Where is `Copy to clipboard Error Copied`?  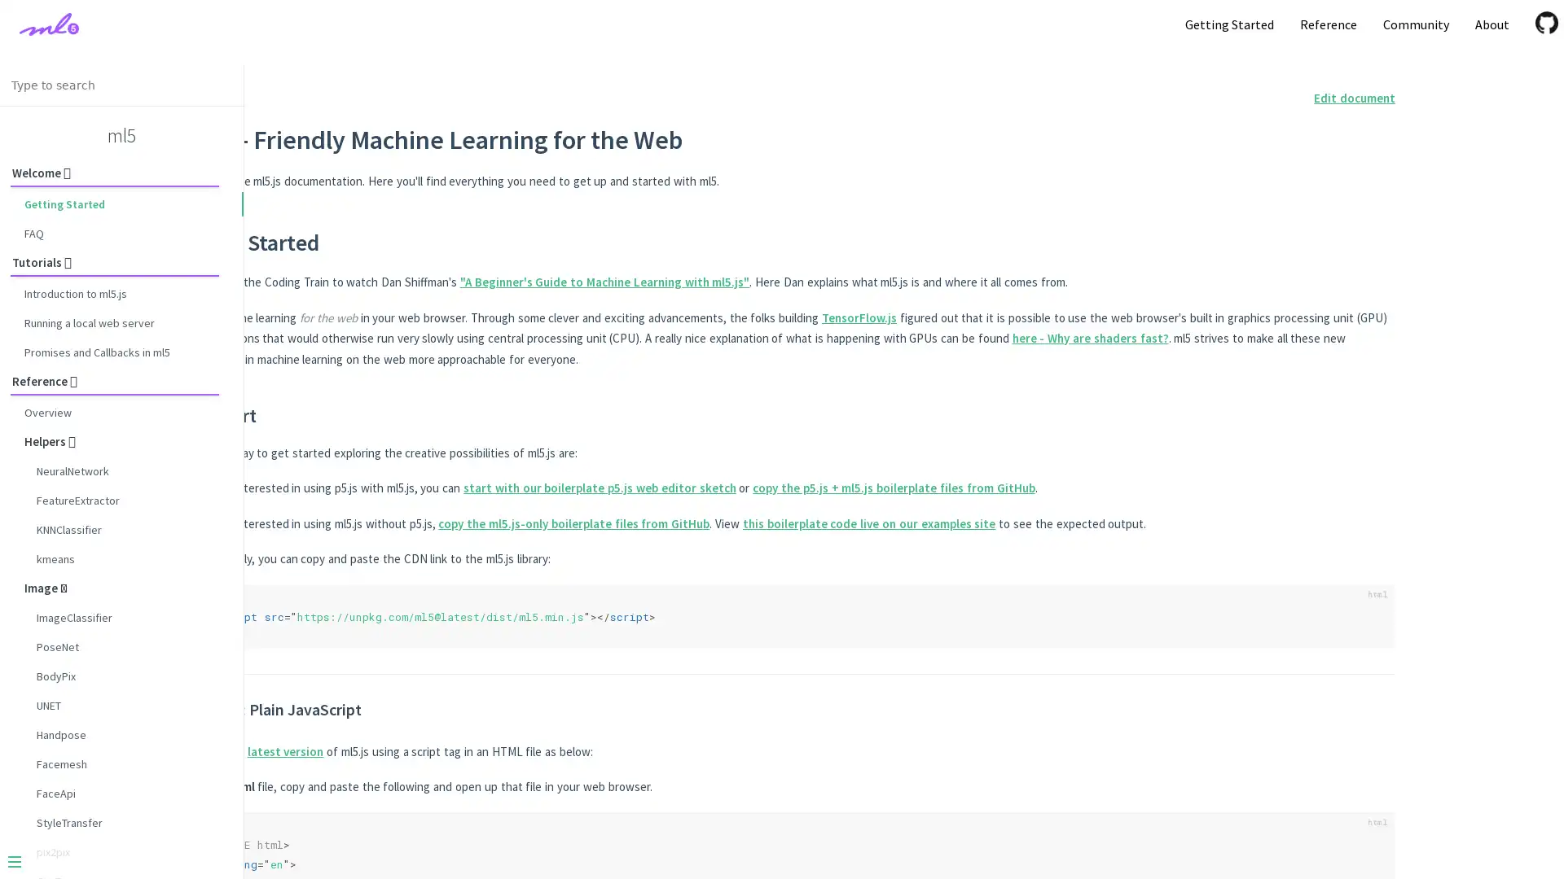 Copy to clipboard Error Copied is located at coordinates (1355, 827).